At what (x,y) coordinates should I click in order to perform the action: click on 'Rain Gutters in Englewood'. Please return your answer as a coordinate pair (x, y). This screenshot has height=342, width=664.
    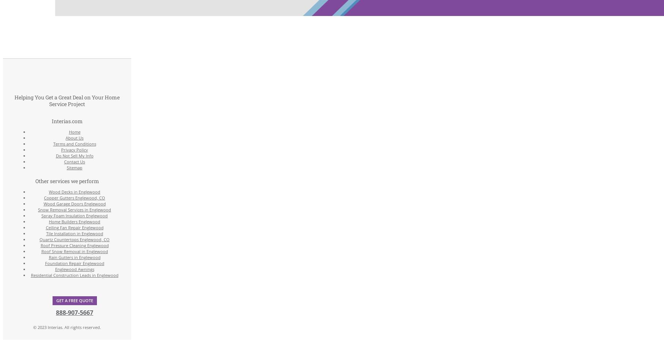
    Looking at the image, I should click on (74, 256).